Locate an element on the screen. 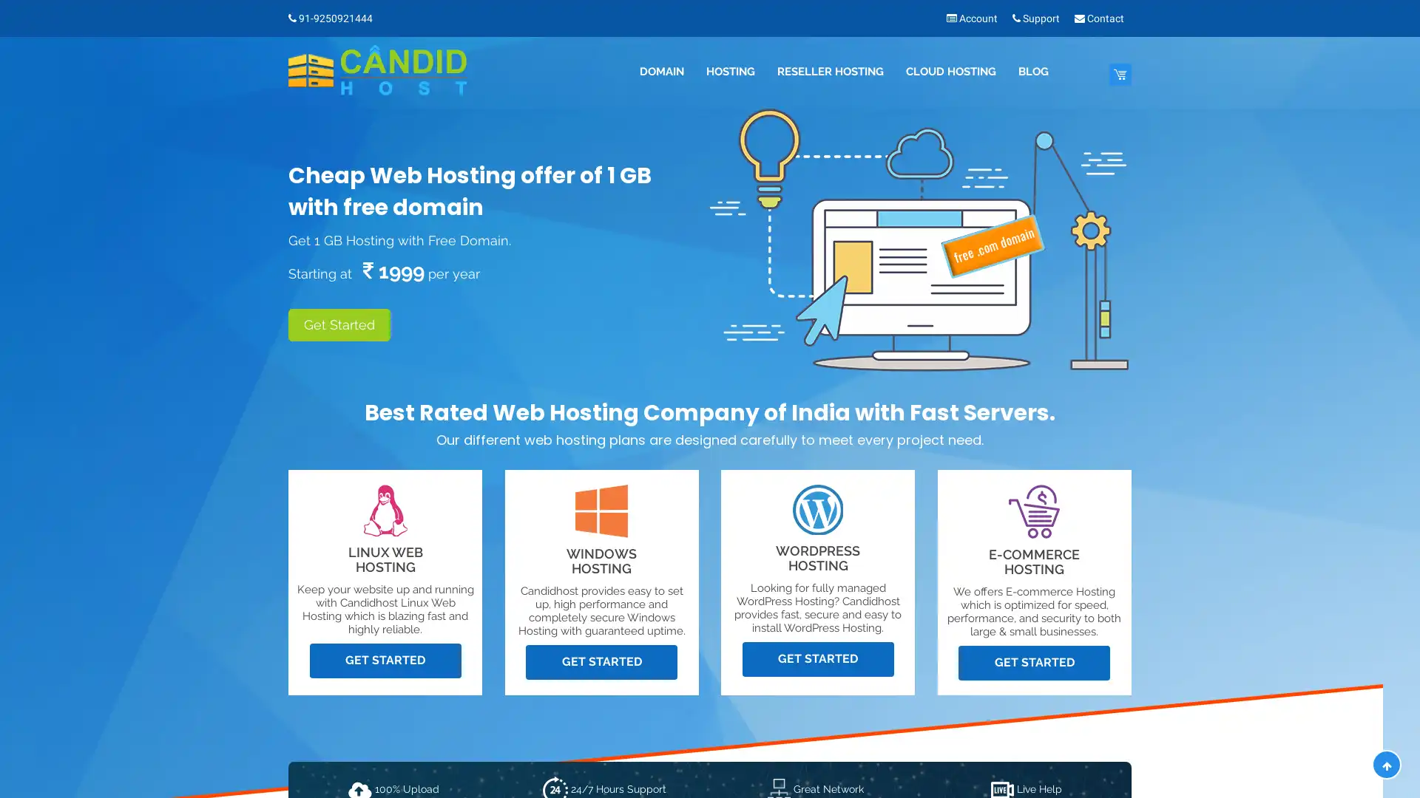  DOMAIN is located at coordinates (660, 72).